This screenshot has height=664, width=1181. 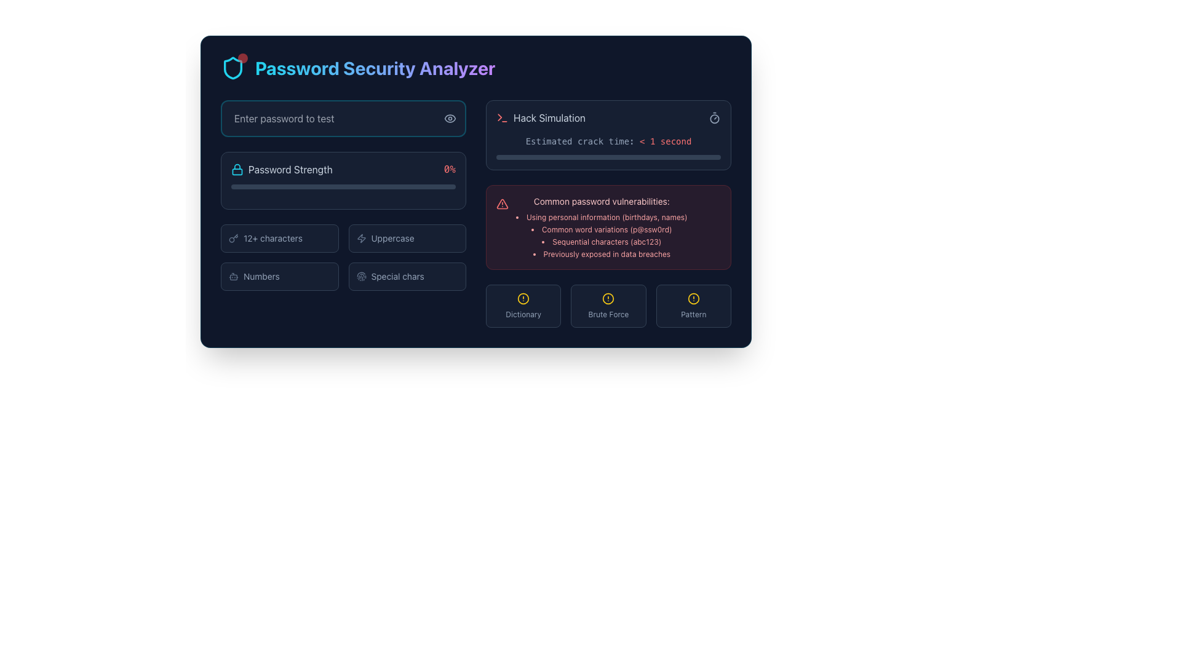 What do you see at coordinates (407, 239) in the screenshot?
I see `the label item displaying 'Uppercase' with a lightning bolt icon, located at the top-right corner of the grid layout` at bounding box center [407, 239].